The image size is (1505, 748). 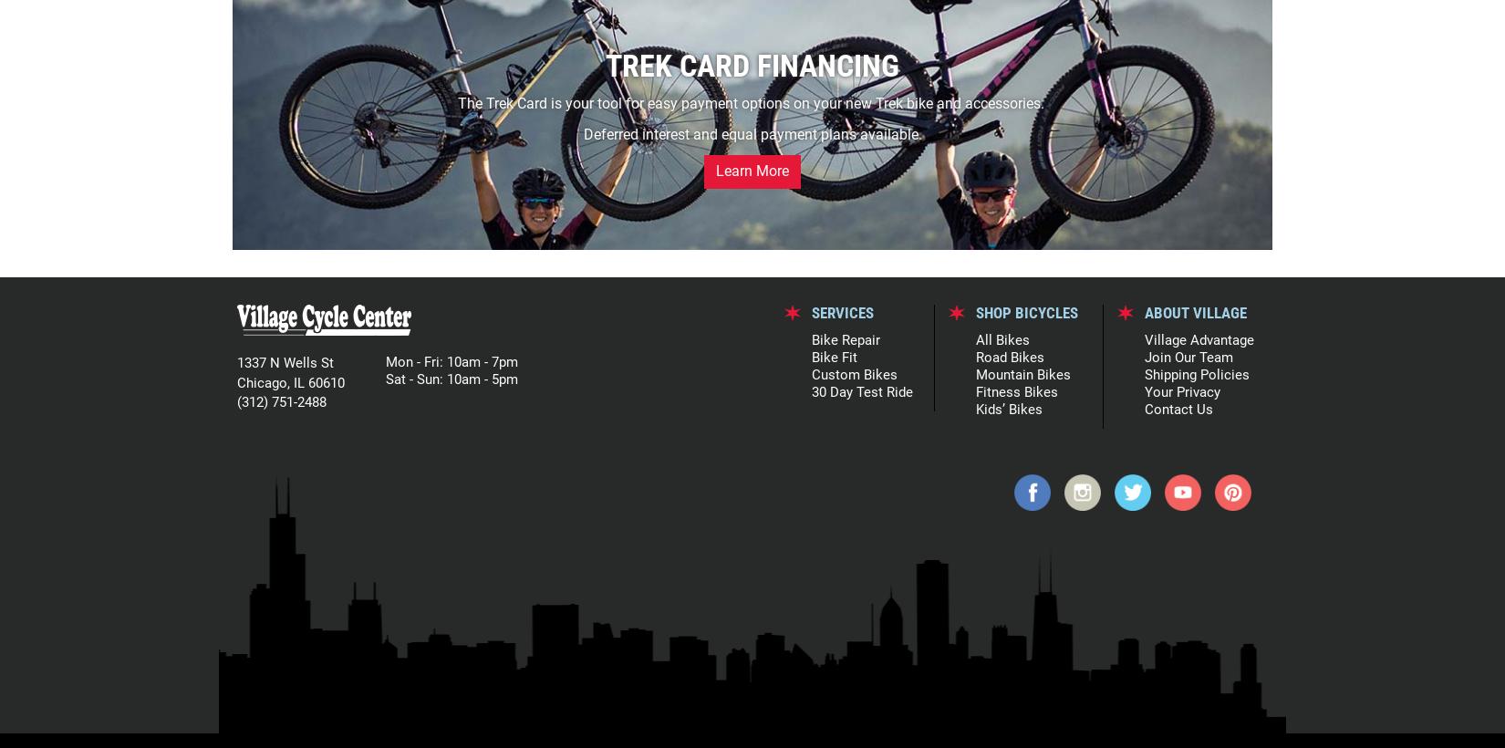 I want to click on 'Deferred interest and equal payment plans available.', so click(x=582, y=132).